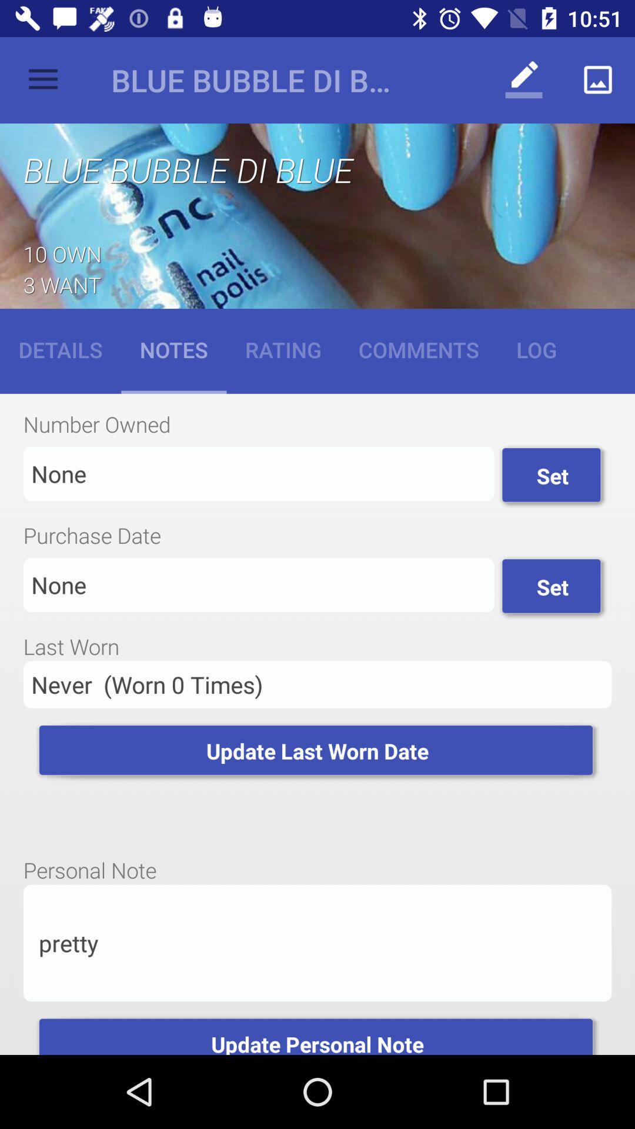 This screenshot has height=1129, width=635. Describe the element at coordinates (283, 349) in the screenshot. I see `icon to the left of comments icon` at that location.